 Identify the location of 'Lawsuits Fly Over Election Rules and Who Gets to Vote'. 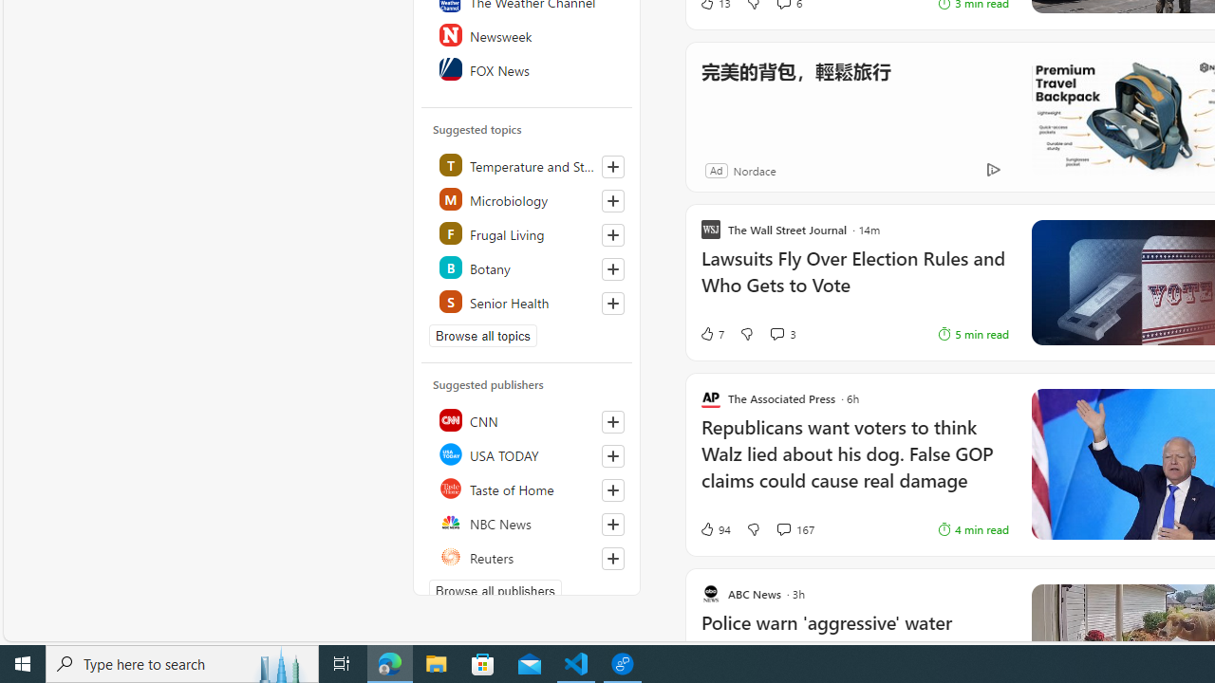
(853, 282).